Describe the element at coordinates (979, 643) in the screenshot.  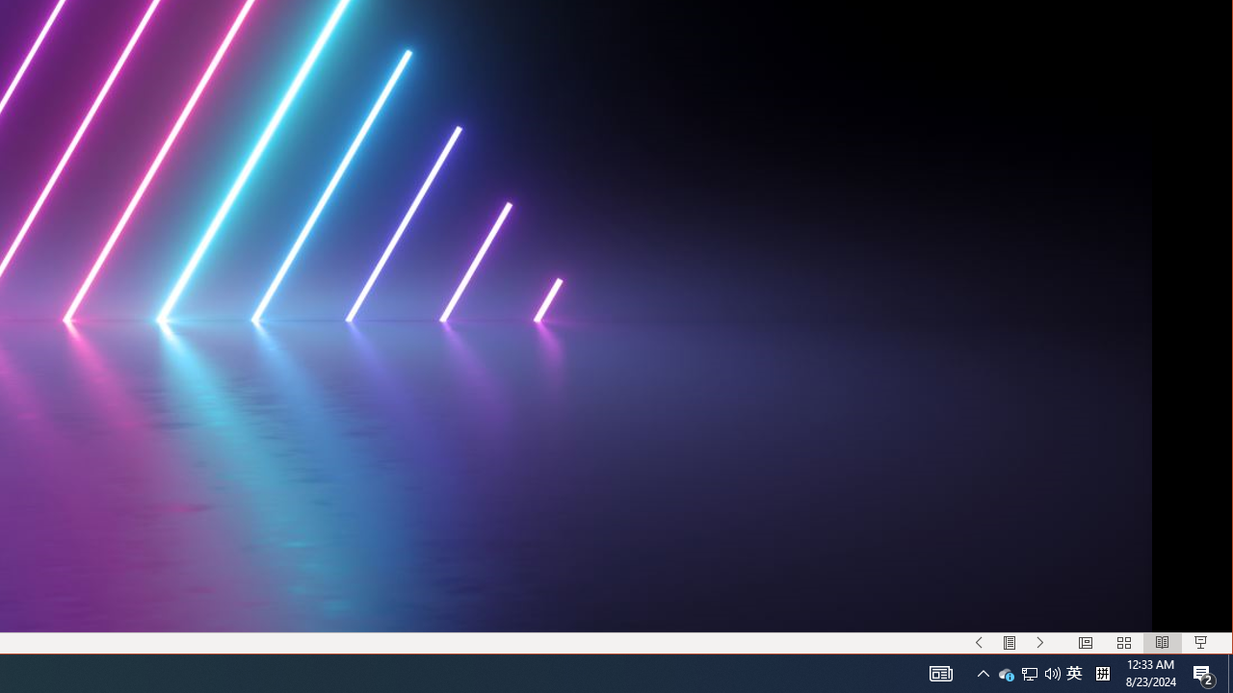
I see `'Slide Show Previous On'` at that location.